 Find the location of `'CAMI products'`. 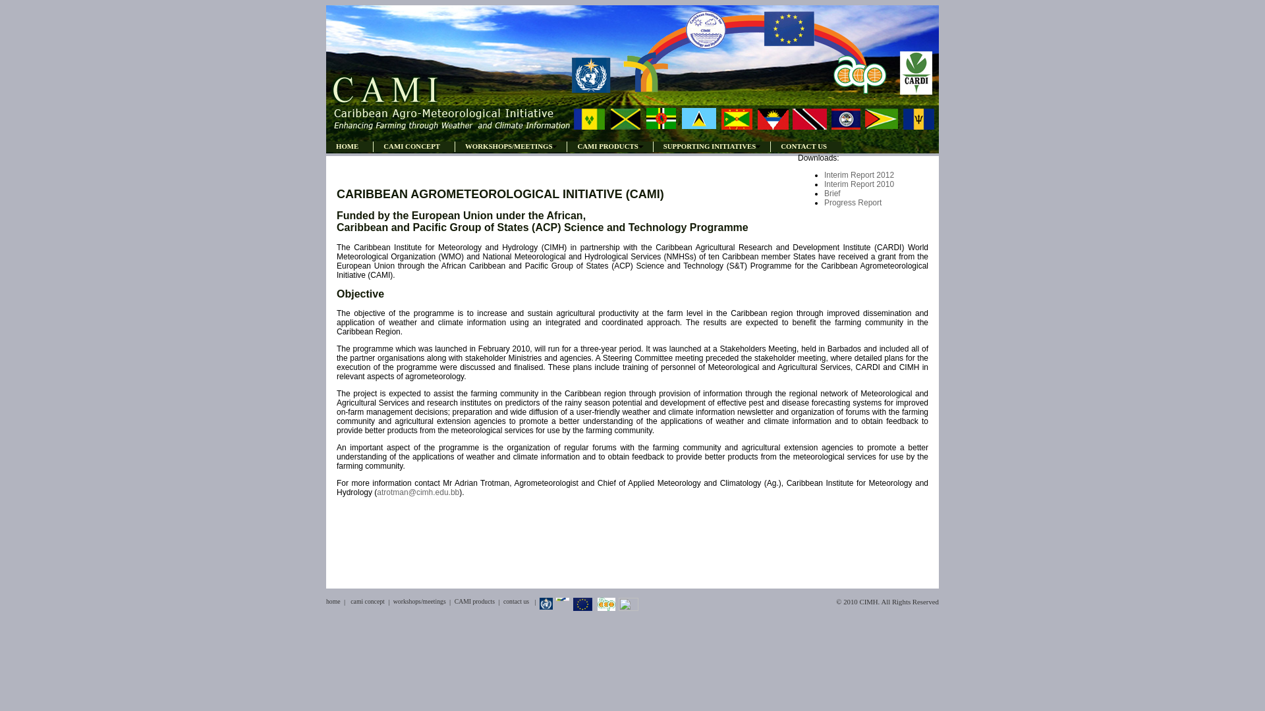

'CAMI products' is located at coordinates (474, 601).